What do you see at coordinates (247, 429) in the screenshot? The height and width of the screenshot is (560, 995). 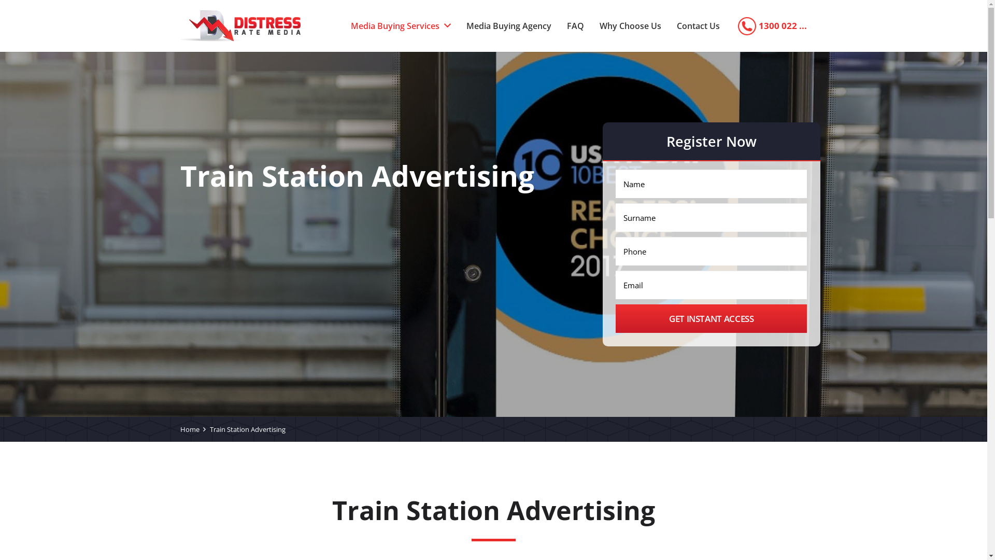 I see `'Train Station Advertising'` at bounding box center [247, 429].